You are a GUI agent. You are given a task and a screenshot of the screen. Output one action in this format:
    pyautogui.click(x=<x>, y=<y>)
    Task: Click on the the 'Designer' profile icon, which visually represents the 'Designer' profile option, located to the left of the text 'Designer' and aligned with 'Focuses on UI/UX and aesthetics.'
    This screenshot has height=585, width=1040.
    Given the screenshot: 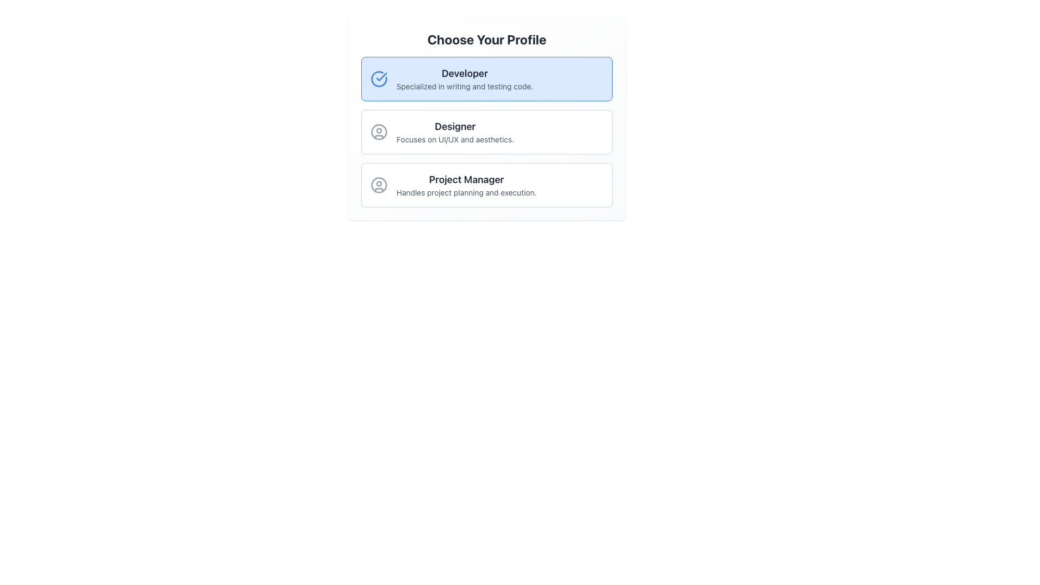 What is the action you would take?
    pyautogui.click(x=379, y=131)
    